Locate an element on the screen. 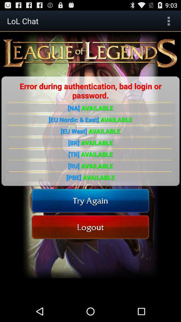 The width and height of the screenshot is (181, 322). logout button is located at coordinates (90, 227).